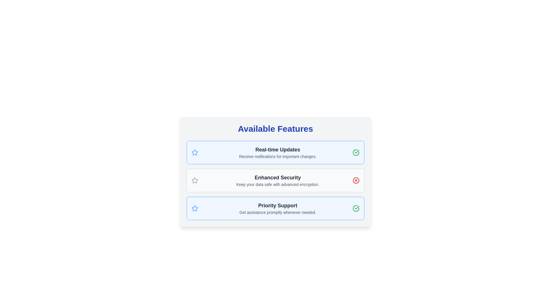 Image resolution: width=547 pixels, height=308 pixels. I want to click on the star-shaped icon in the bottom-most row of the feature list to observe any tooltip or visual response, so click(195, 208).